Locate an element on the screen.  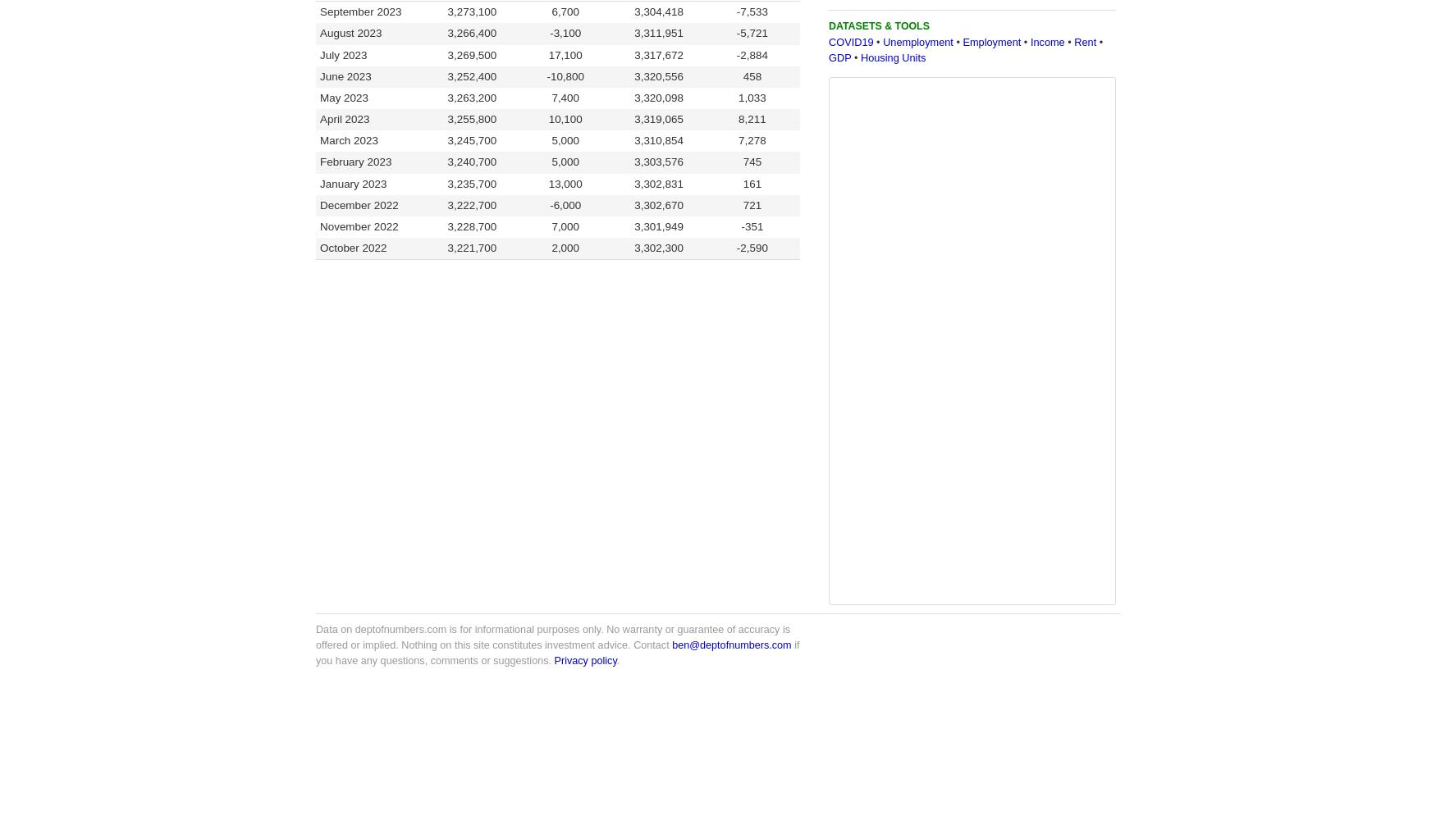
'December 2022' is located at coordinates (319, 203).